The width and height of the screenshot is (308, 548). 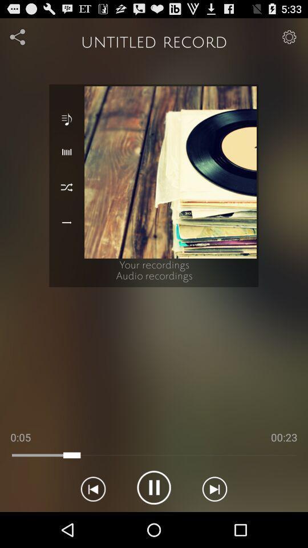 I want to click on share, so click(x=18, y=37).